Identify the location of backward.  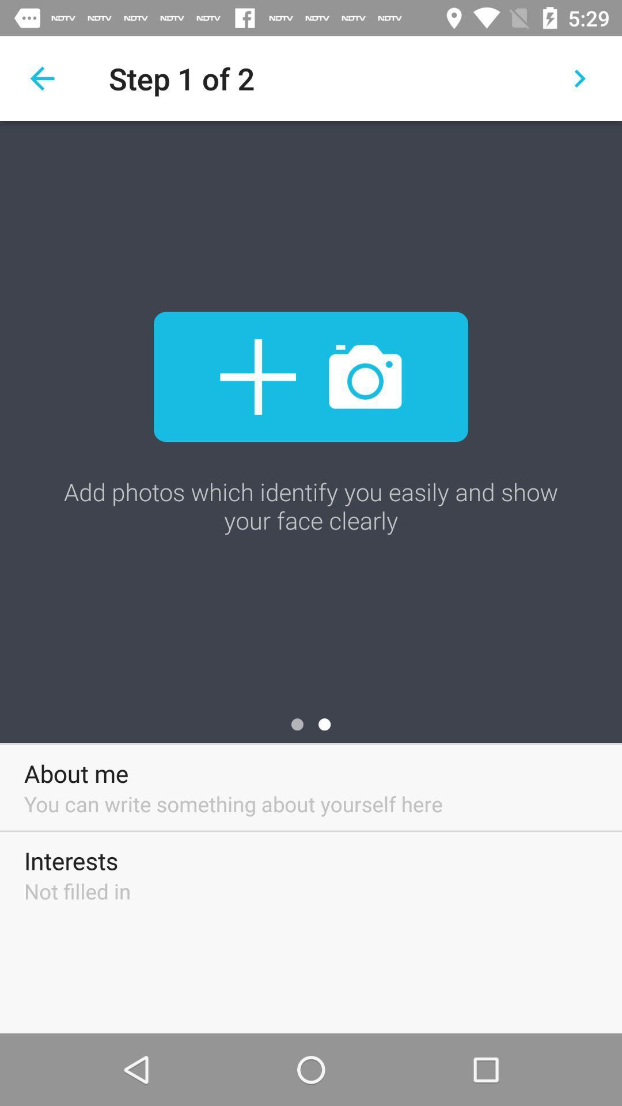
(41, 78).